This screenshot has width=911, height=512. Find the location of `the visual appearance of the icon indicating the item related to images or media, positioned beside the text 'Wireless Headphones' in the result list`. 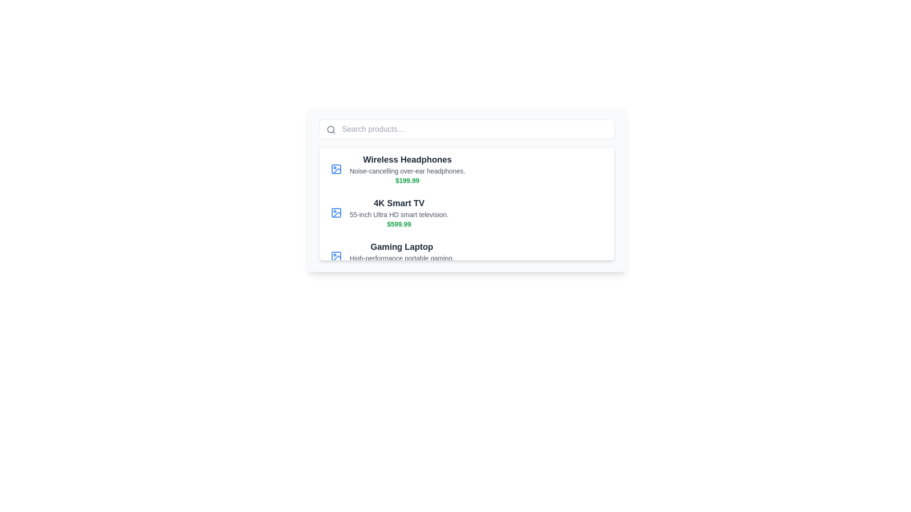

the visual appearance of the icon indicating the item related to images or media, positioned beside the text 'Wireless Headphones' in the result list is located at coordinates (336, 169).